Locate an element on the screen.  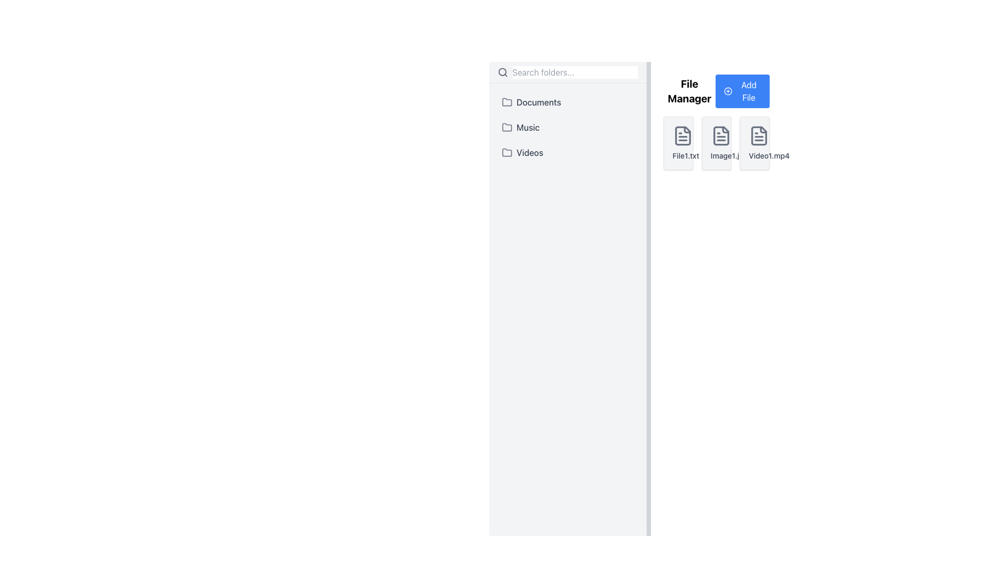
the folder icon associated with the 'Videos' label in the vertical menu is located at coordinates (507, 152).